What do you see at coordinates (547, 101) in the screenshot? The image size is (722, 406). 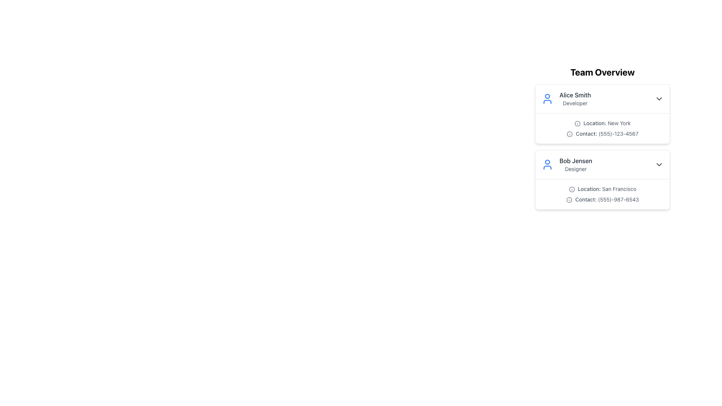 I see `the lower section of the user representation SVG icon, which is styled with a blue stroke and round contours, located next to the text 'Alice Smith' under 'Team Overview'` at bounding box center [547, 101].